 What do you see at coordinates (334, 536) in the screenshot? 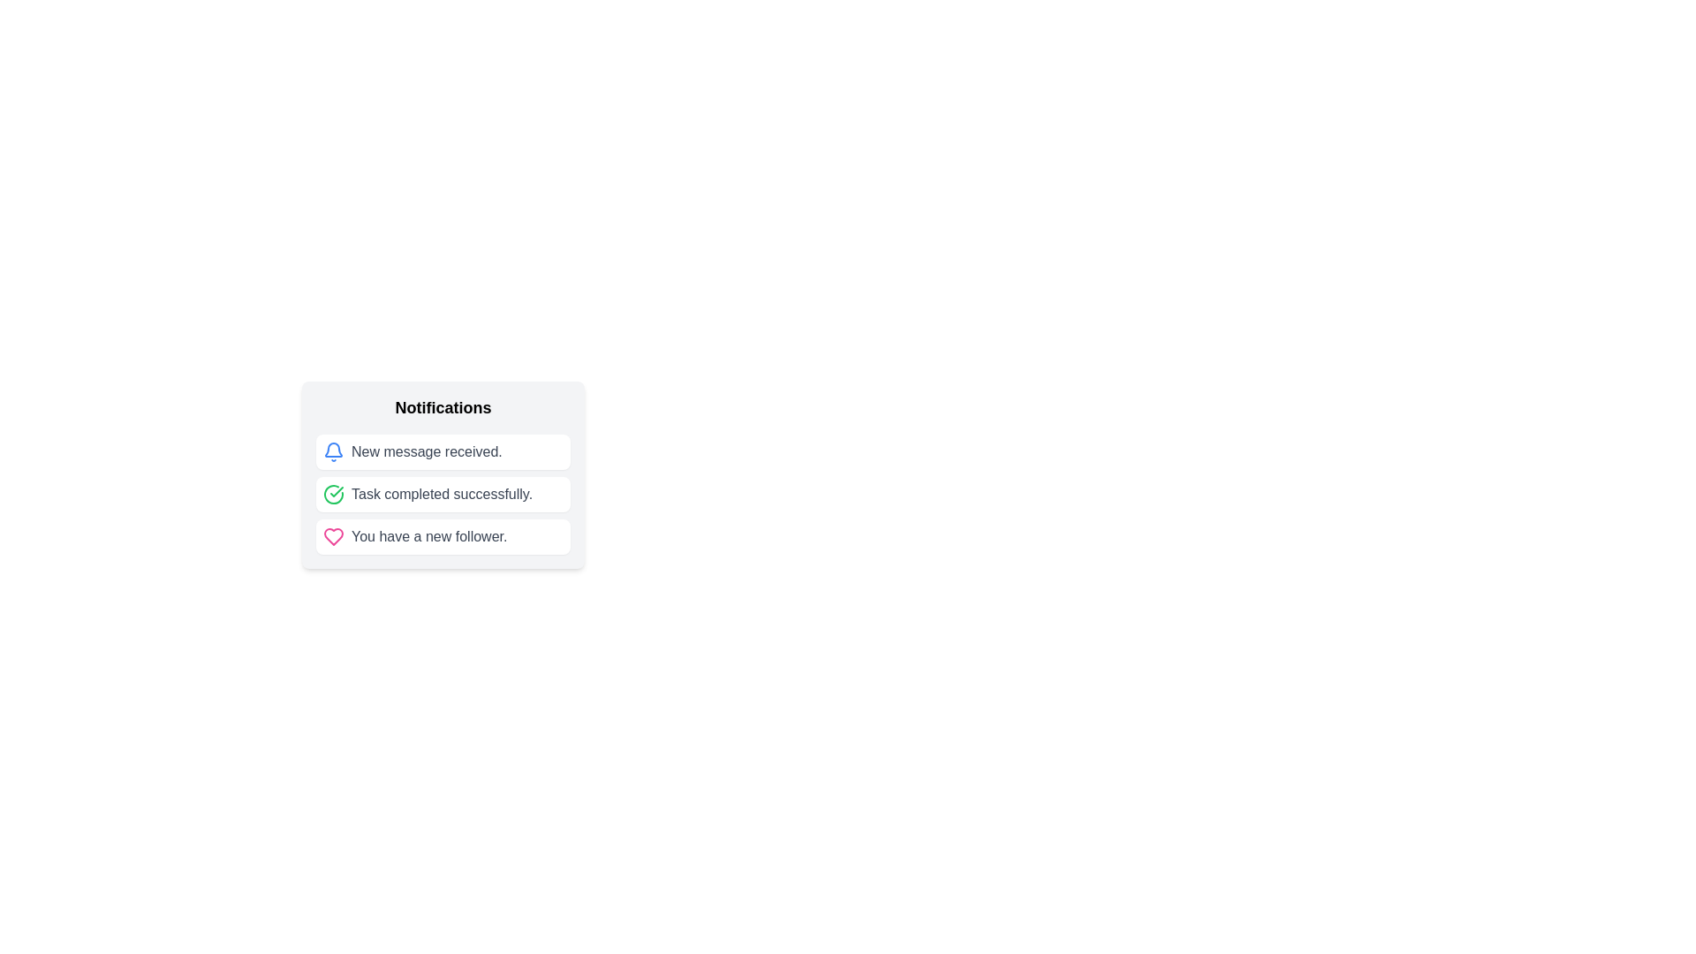
I see `the pink heart-shaped icon with a hollow center located to the left of the text 'You have a new follower' in the third notification box under the 'Notifications' header` at bounding box center [334, 536].